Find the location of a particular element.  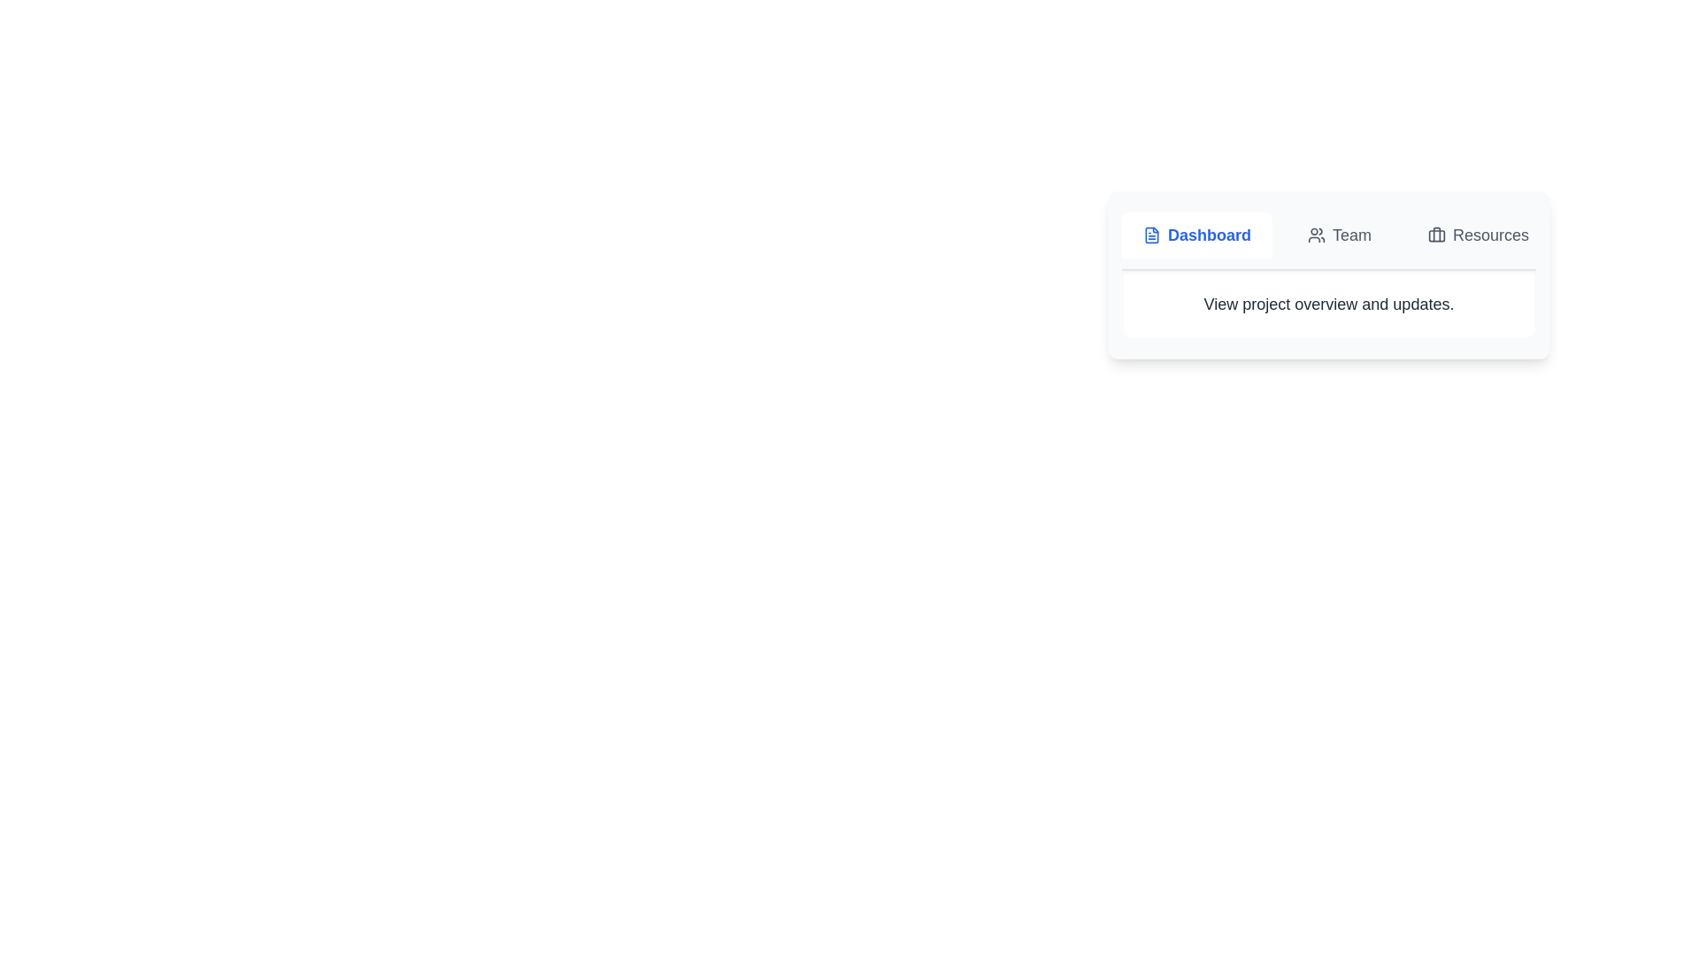

the tab labeled 'Resources' to activate it and observe the visual change is located at coordinates (1478, 235).